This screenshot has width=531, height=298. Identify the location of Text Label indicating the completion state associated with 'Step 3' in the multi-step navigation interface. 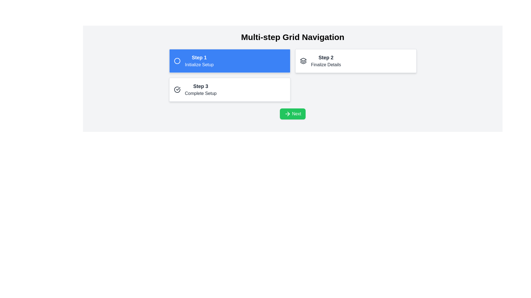
(200, 93).